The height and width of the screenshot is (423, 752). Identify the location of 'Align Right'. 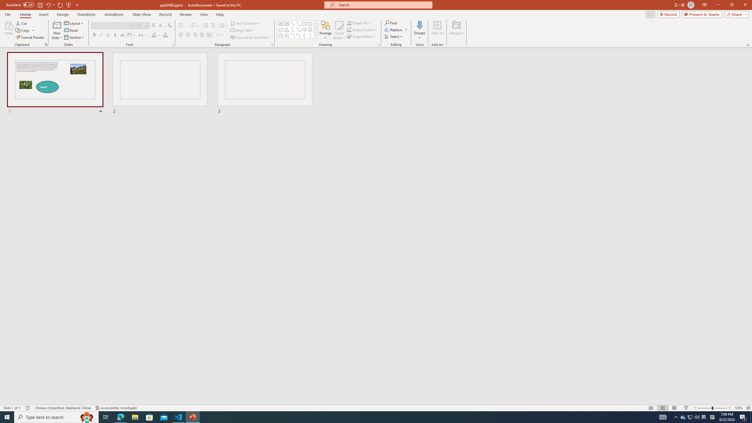
(195, 35).